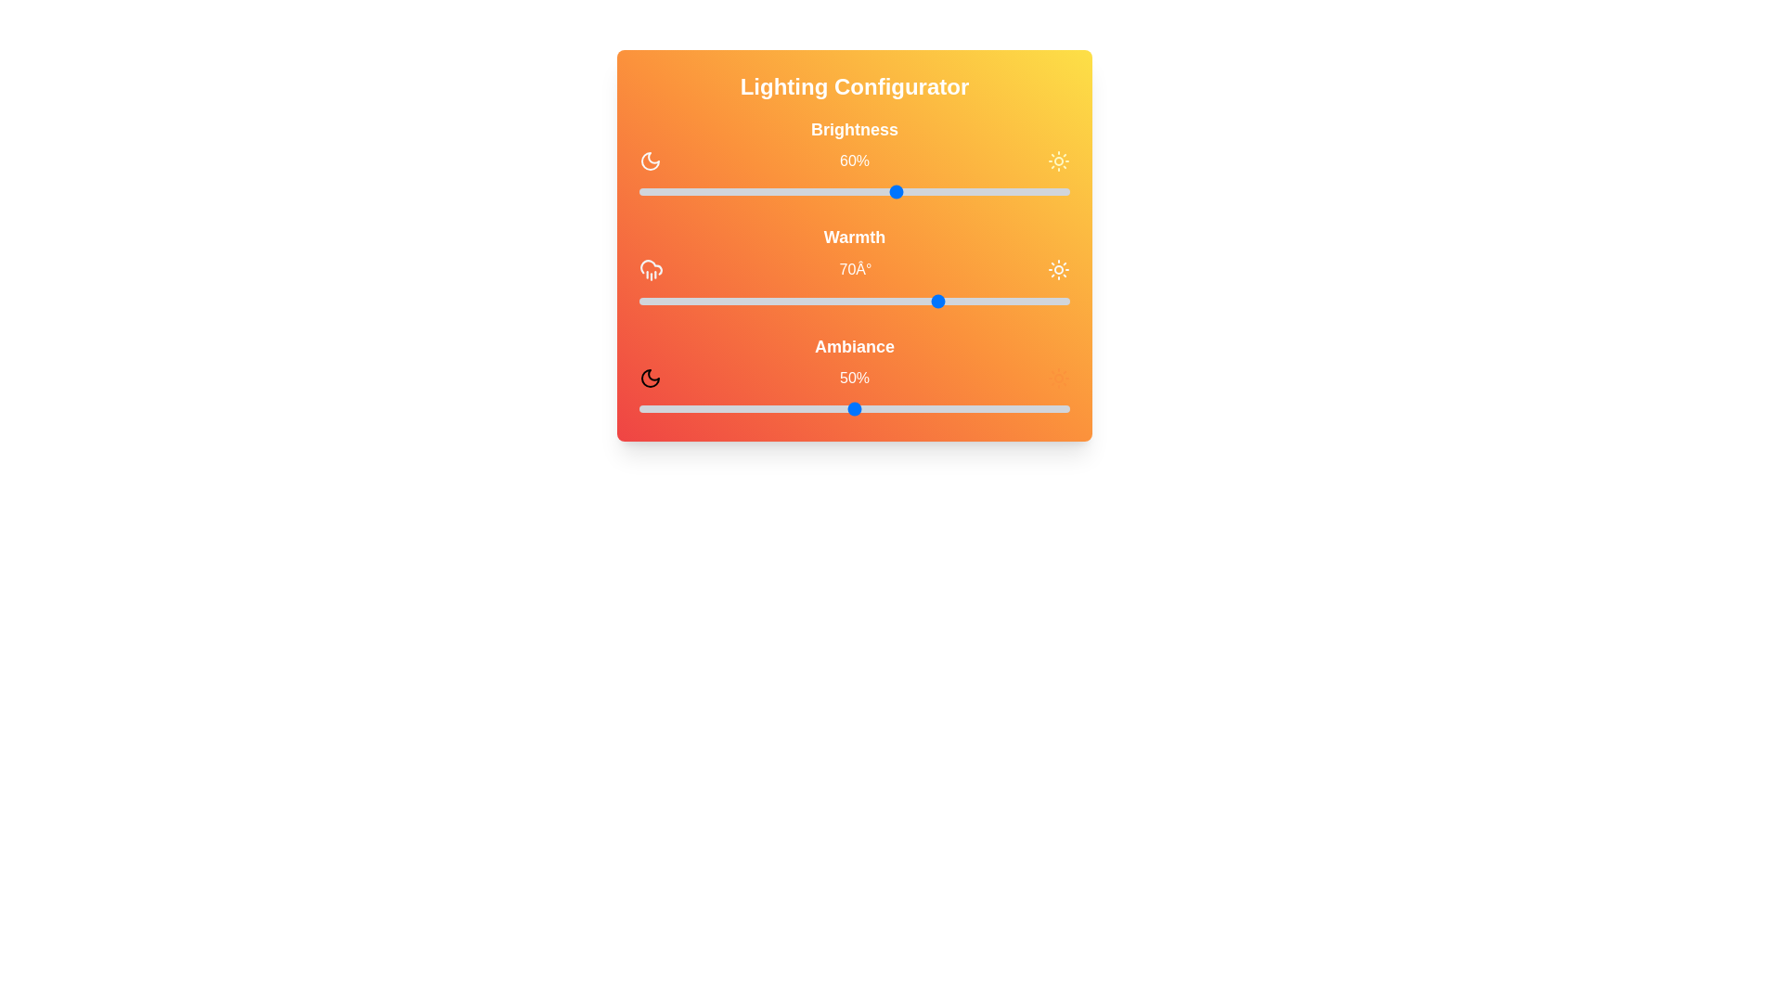 This screenshot has height=1002, width=1782. Describe the element at coordinates (897, 192) in the screenshot. I see `the brightness slider to 60% by dragging the slider` at that location.